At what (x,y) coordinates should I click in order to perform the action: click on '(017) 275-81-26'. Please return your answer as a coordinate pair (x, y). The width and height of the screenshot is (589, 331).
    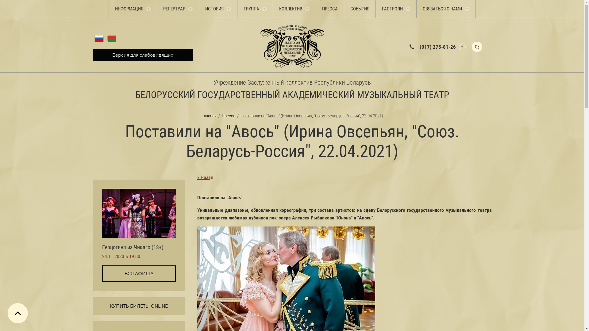
    Looking at the image, I should click on (437, 46).